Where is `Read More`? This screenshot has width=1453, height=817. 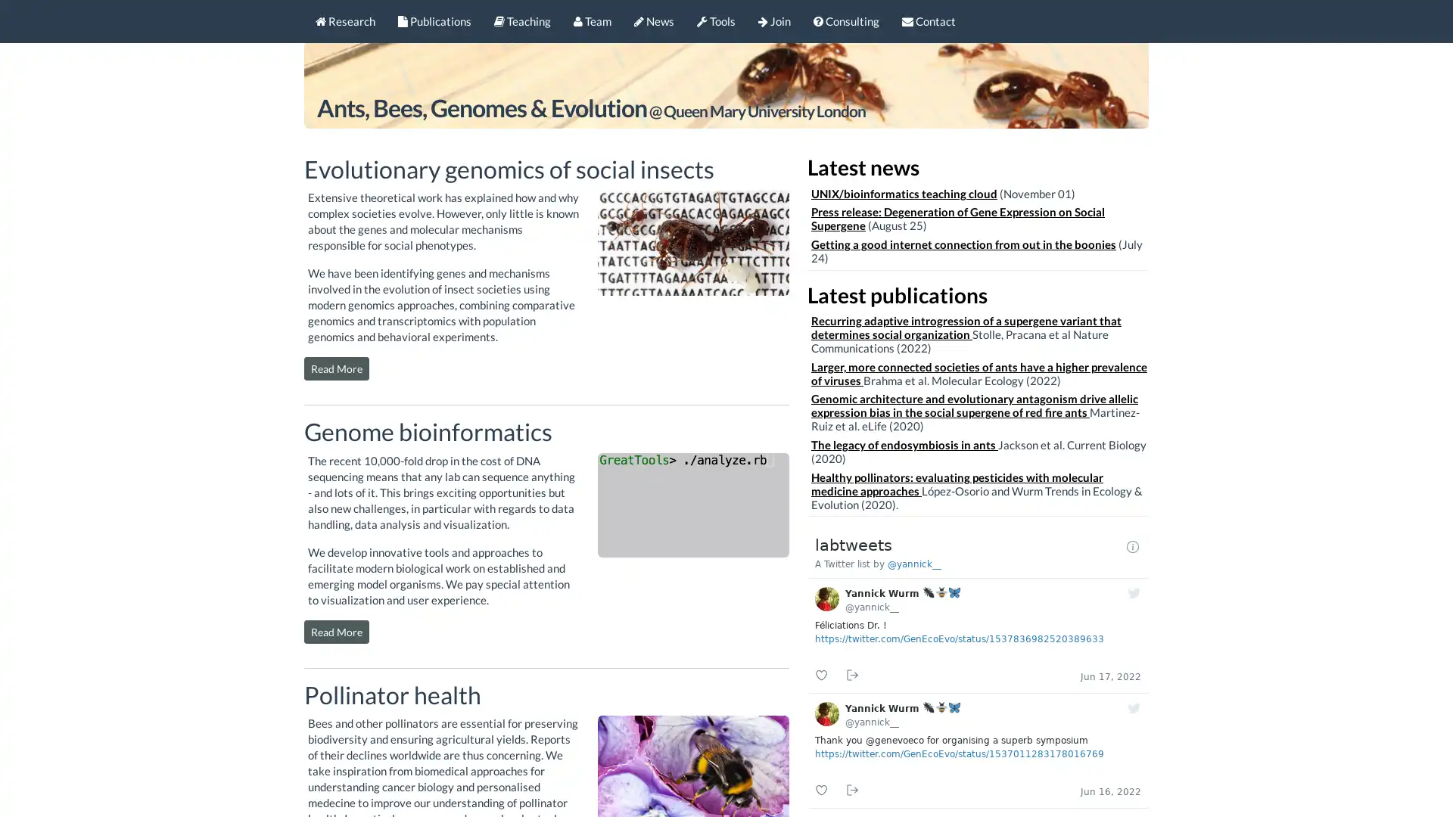
Read More is located at coordinates (336, 368).